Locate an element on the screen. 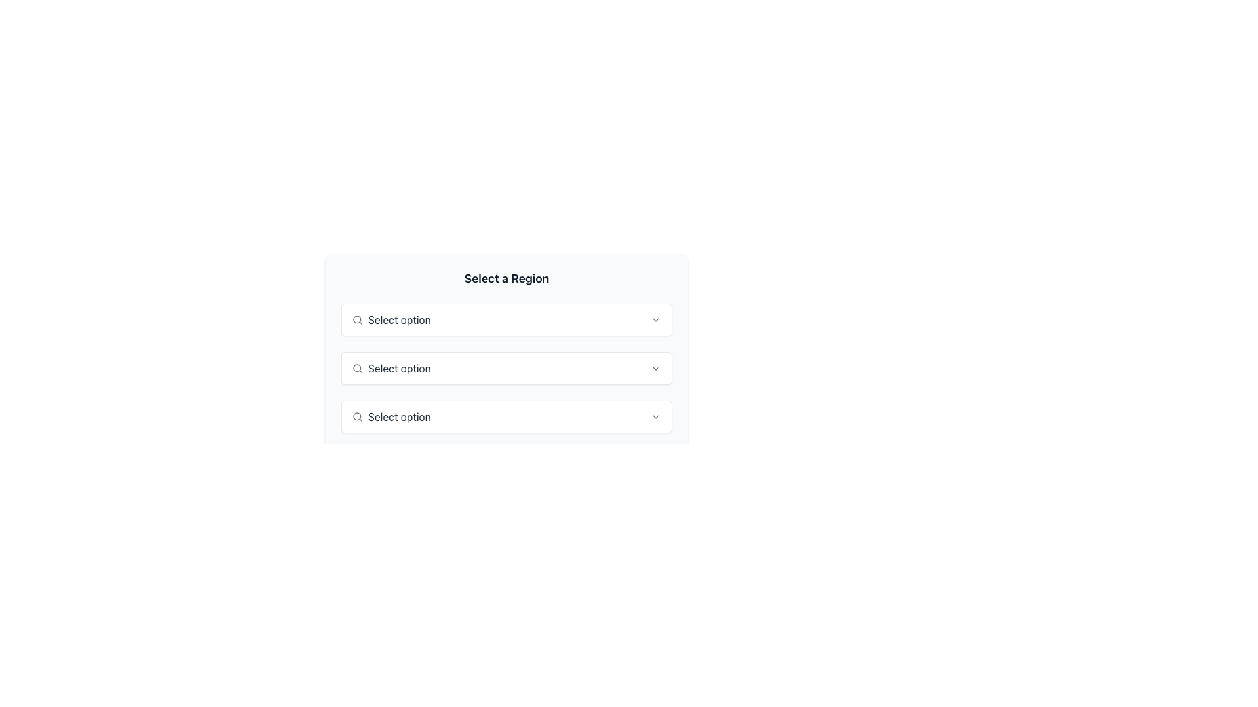 The width and height of the screenshot is (1258, 707). the circular part of the search icon located to the left of the 'Select option' dropdown in the 'Select a Region' section is located at coordinates (357, 319).